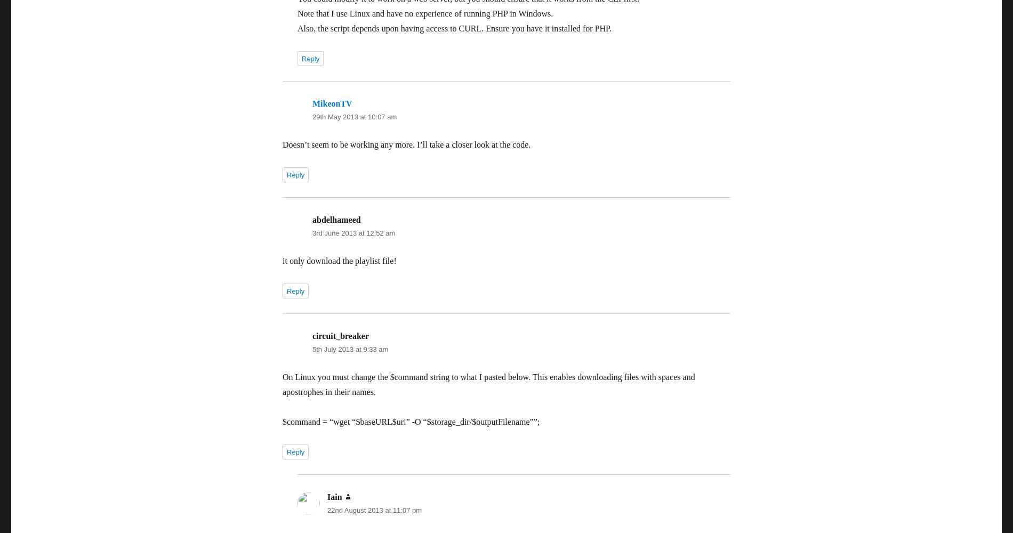 The width and height of the screenshot is (1013, 533). I want to click on 'circuit_breaker', so click(312, 336).